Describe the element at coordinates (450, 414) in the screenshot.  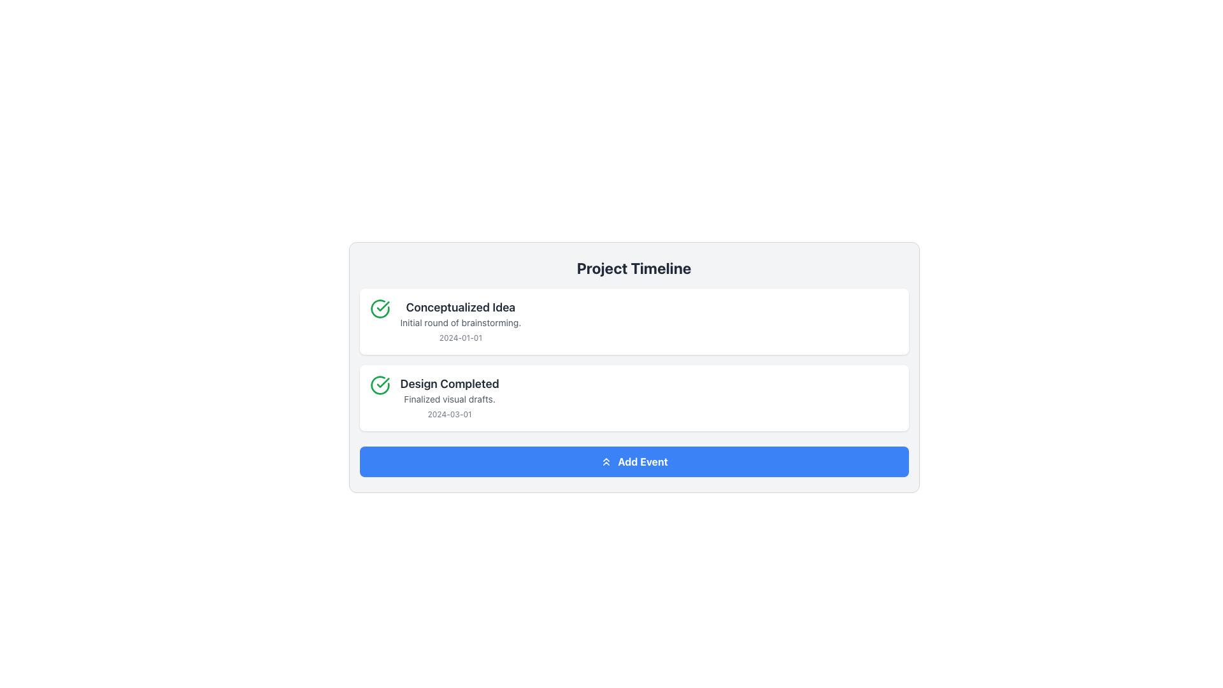
I see `the static text label displaying the date '2024-03-01' in gray, located near the bottom-right of the 'Design Completed' milestone section, beneath 'Finalized visual drafts.'` at that location.